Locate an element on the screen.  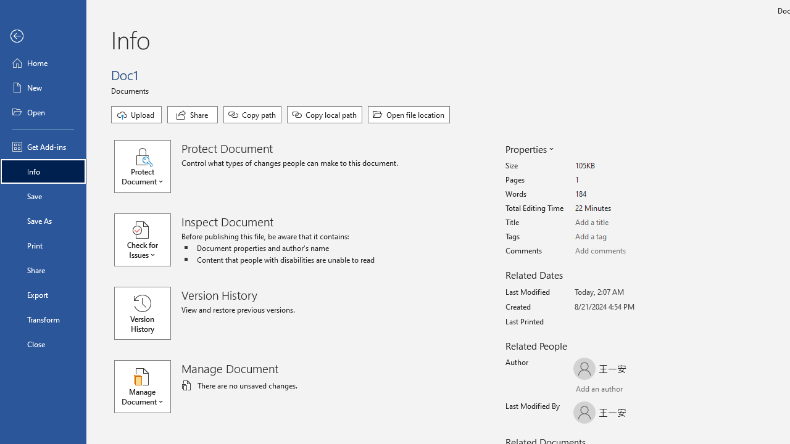
'Properties' is located at coordinates (528, 148).